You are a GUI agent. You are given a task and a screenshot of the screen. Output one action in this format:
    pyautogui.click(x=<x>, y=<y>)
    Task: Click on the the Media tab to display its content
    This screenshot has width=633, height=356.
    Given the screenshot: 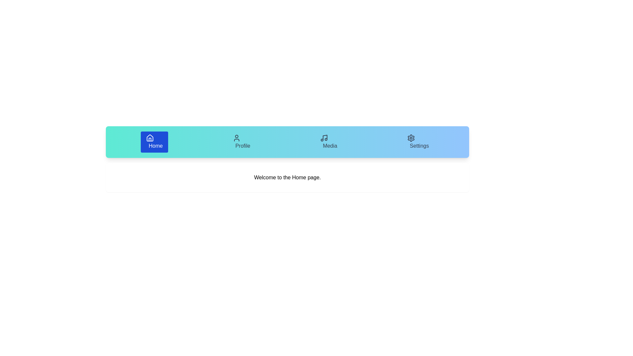 What is the action you would take?
    pyautogui.click(x=329, y=142)
    